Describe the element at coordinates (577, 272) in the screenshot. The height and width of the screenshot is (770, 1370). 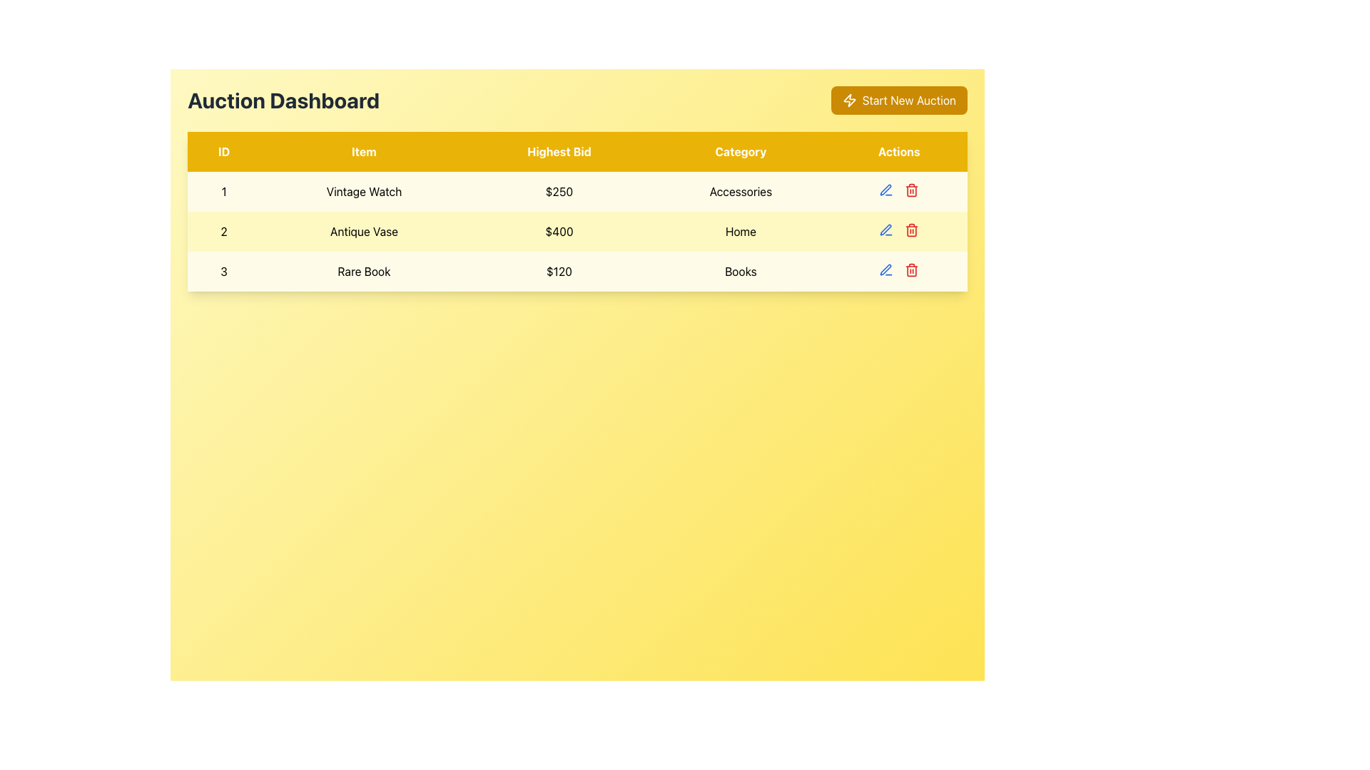
I see `the third row element in the tabular data structure that displays item details including name, price, and category` at that location.